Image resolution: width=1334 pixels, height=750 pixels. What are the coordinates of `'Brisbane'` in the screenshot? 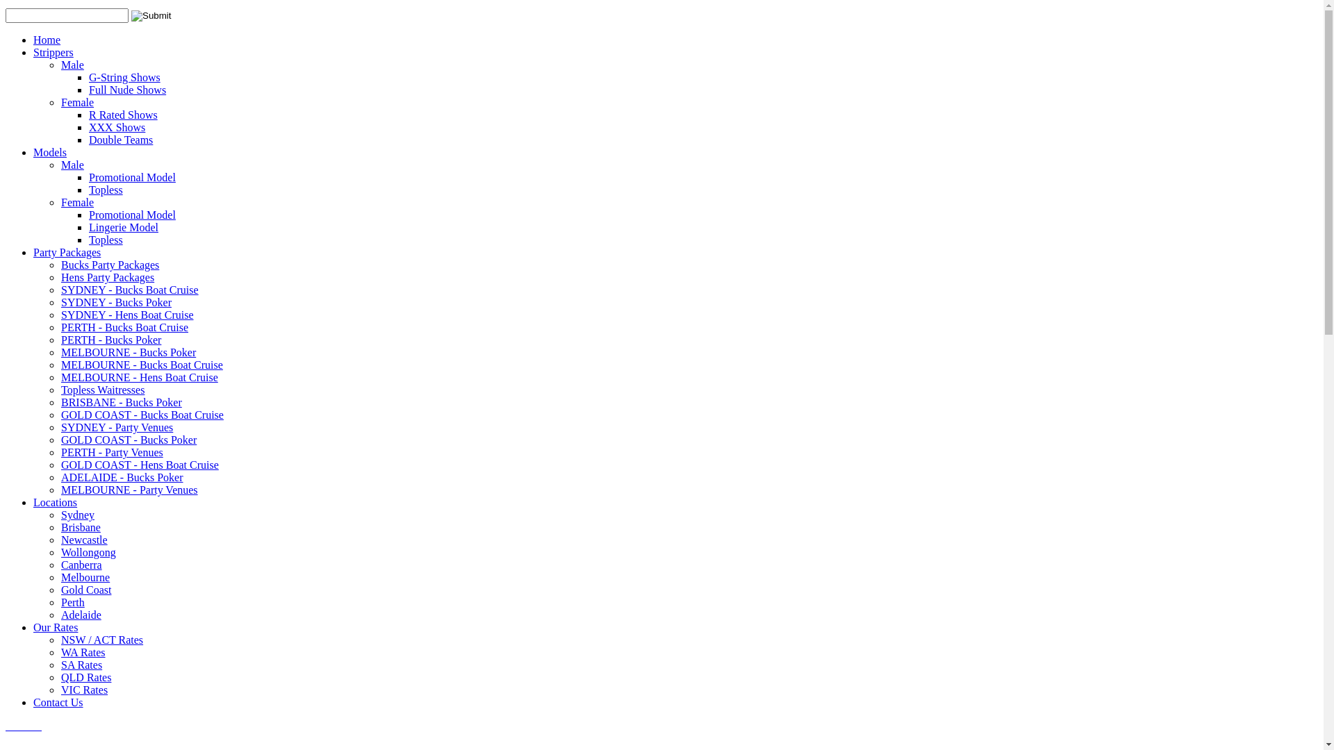 It's located at (60, 527).